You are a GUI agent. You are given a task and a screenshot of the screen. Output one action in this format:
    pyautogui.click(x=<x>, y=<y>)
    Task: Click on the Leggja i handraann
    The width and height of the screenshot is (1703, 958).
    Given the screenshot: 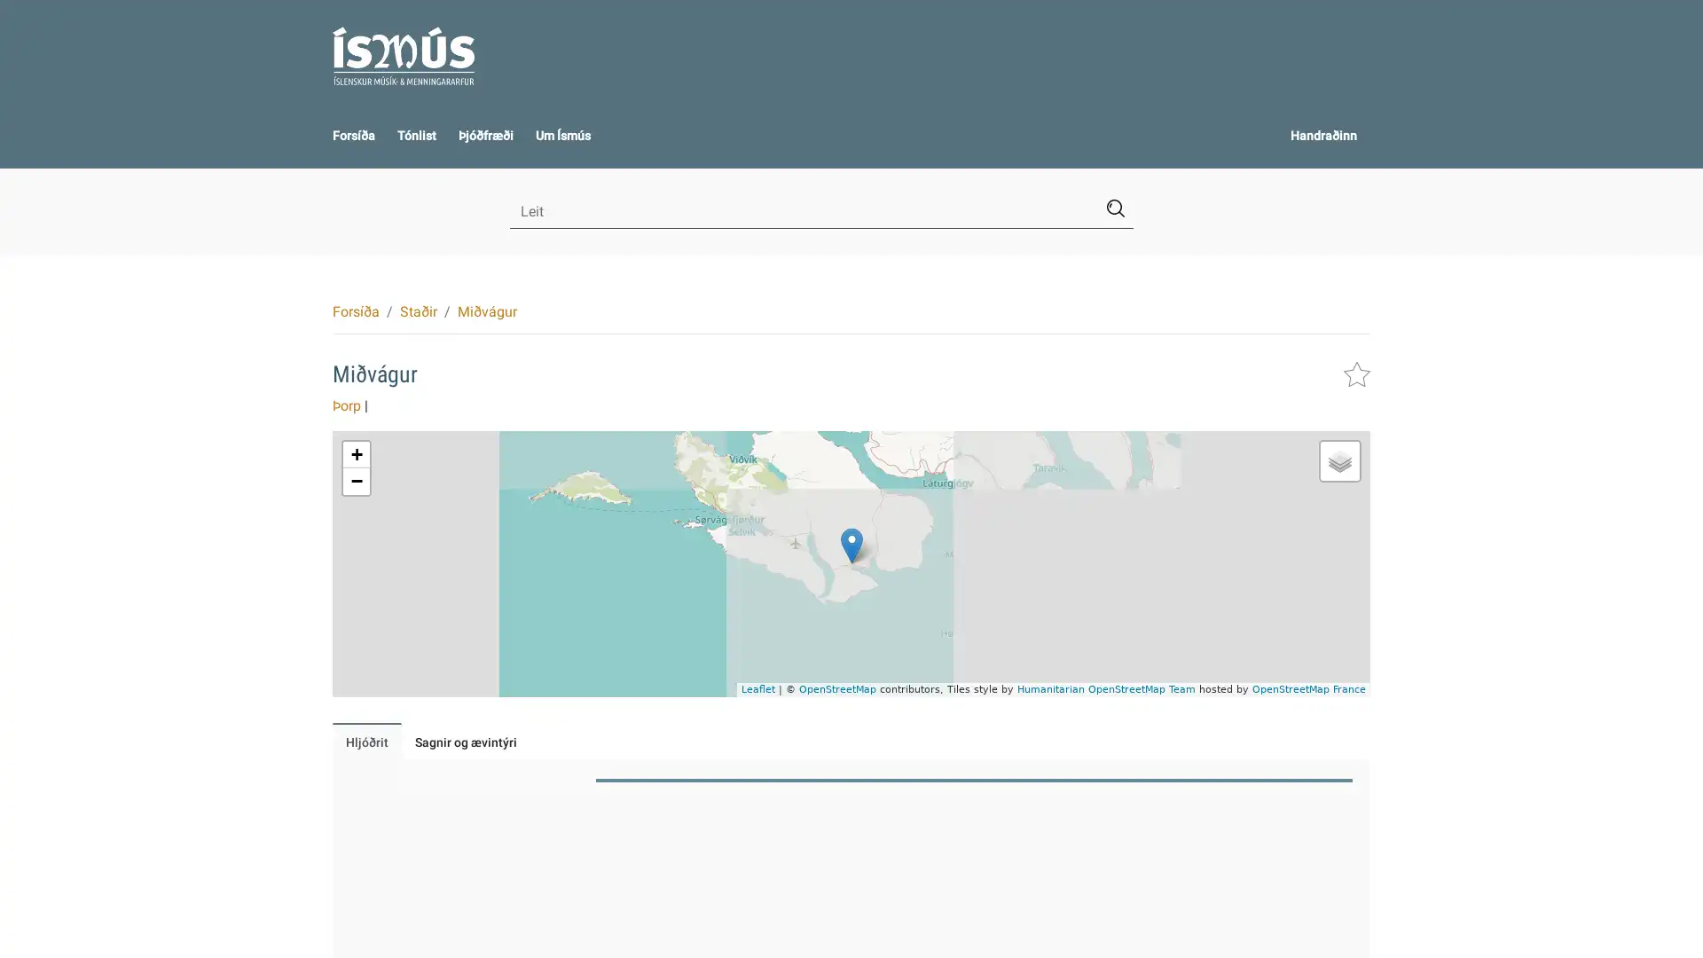 What is the action you would take?
    pyautogui.click(x=1356, y=373)
    